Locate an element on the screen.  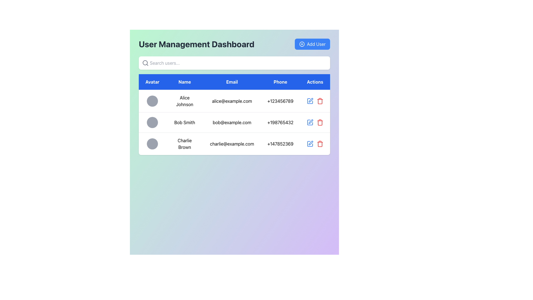
the edit button located in the 'Actions' column of the last row for user 'Charlie Brown' to change its color is located at coordinates (310, 143).